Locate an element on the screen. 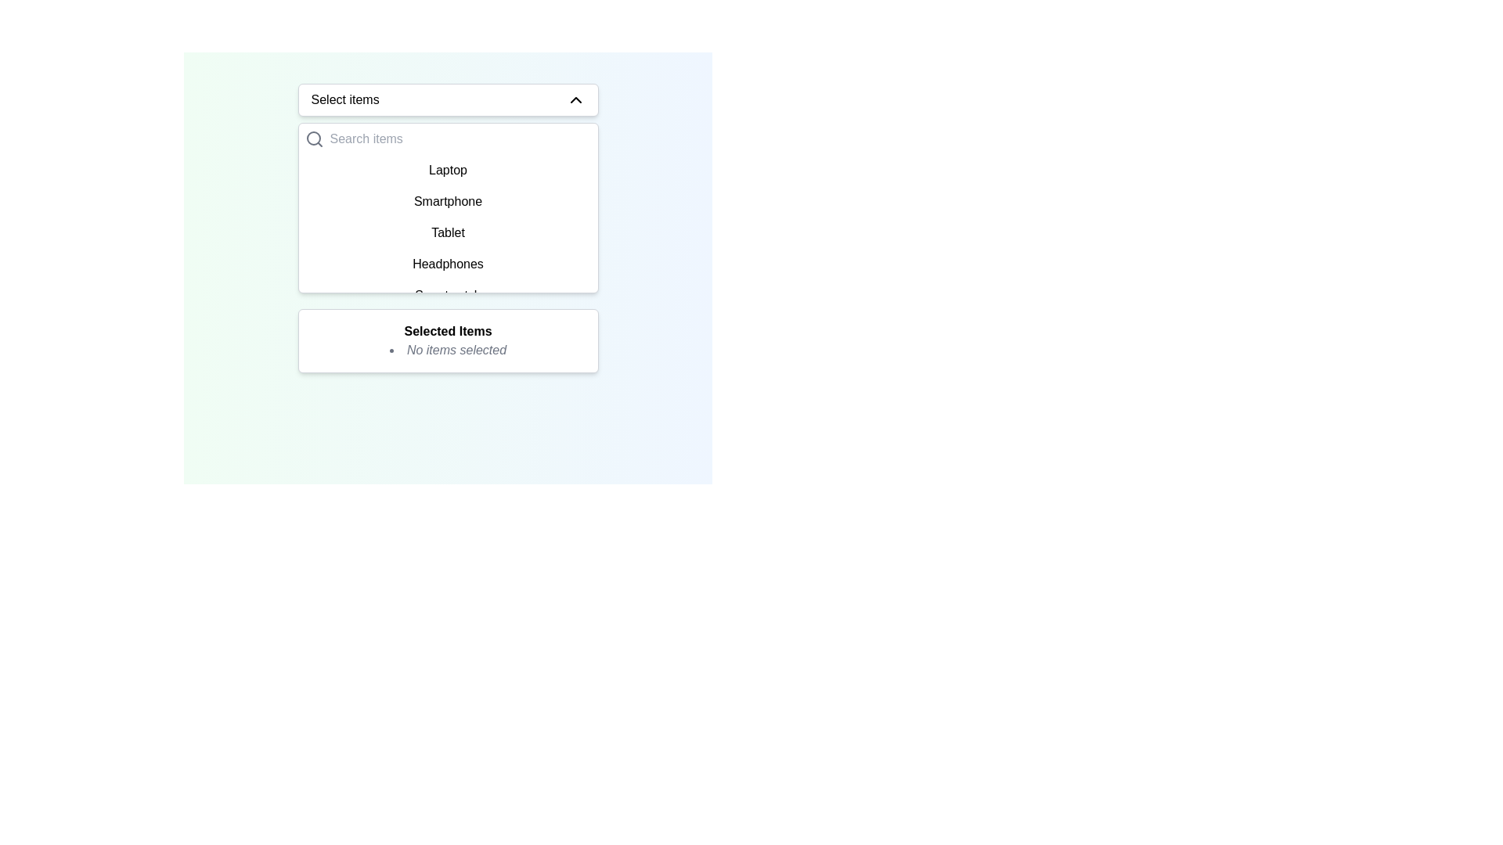  the circular part of the search icon, which visually represents the loop of the magnifying glass, located in the top-left corner of the dropdown area adjacent to the 'Search items' input field is located at coordinates (313, 138).